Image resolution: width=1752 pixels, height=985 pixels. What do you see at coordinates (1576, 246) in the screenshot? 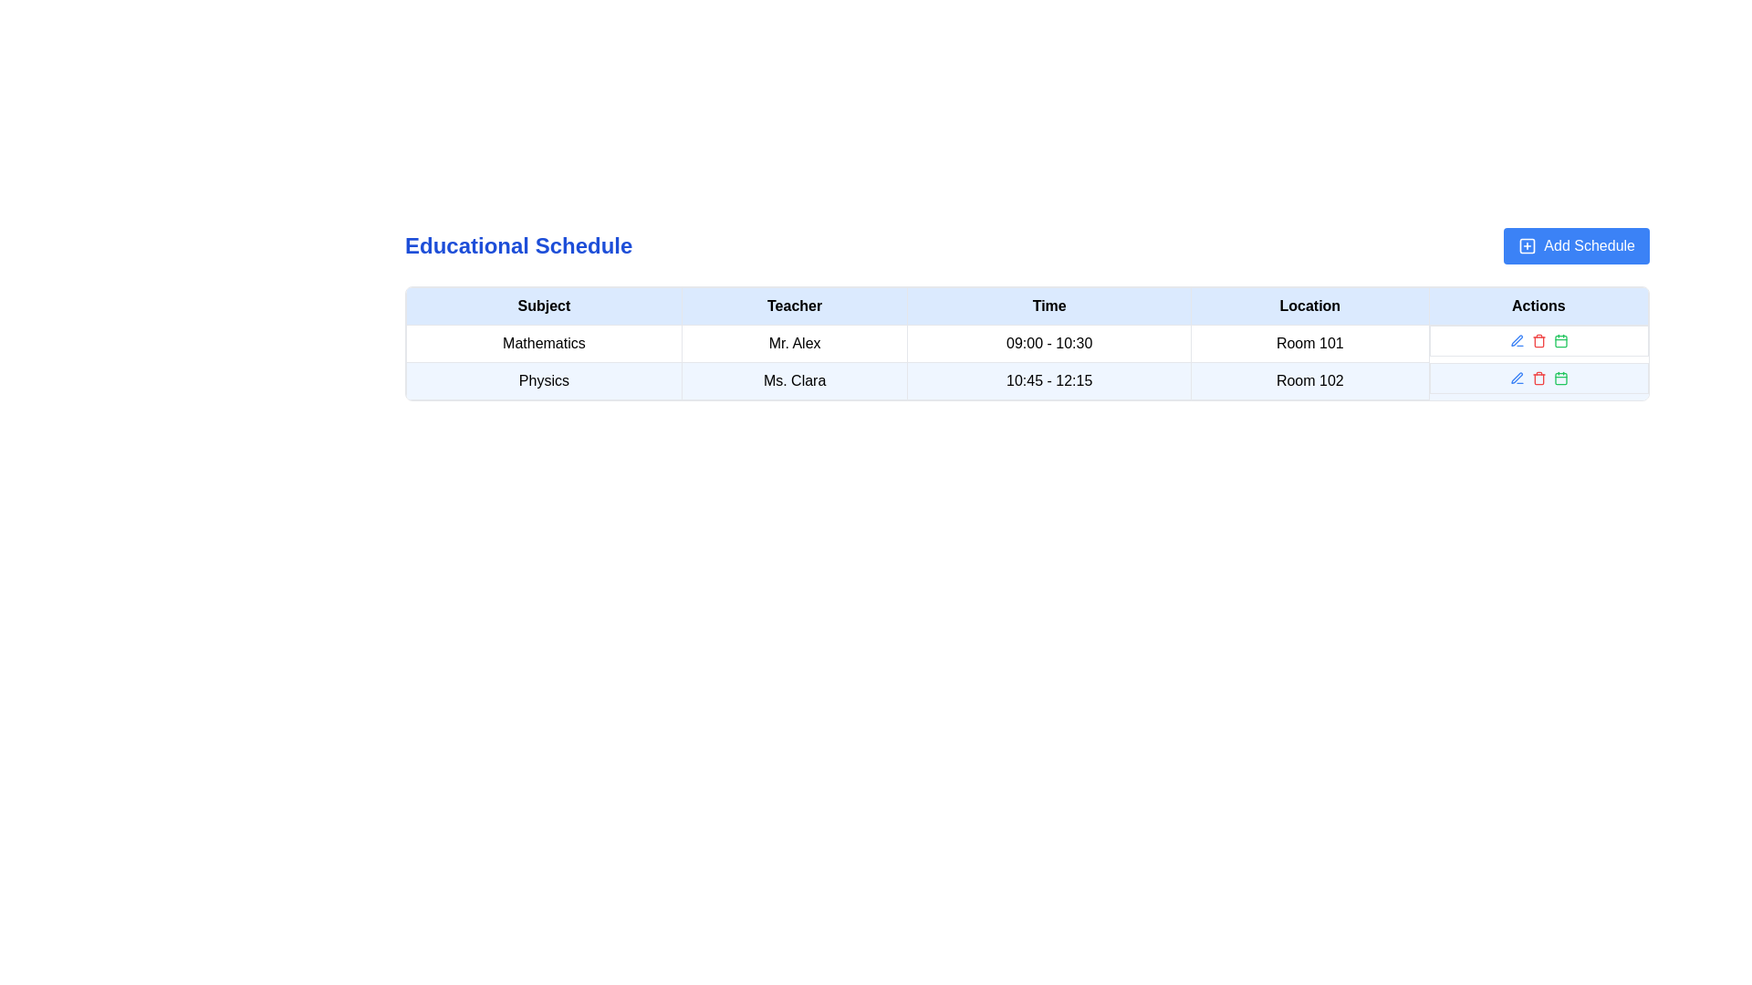
I see `the rectangular blue button with rounded corners labeled 'Add Schedule'` at bounding box center [1576, 246].